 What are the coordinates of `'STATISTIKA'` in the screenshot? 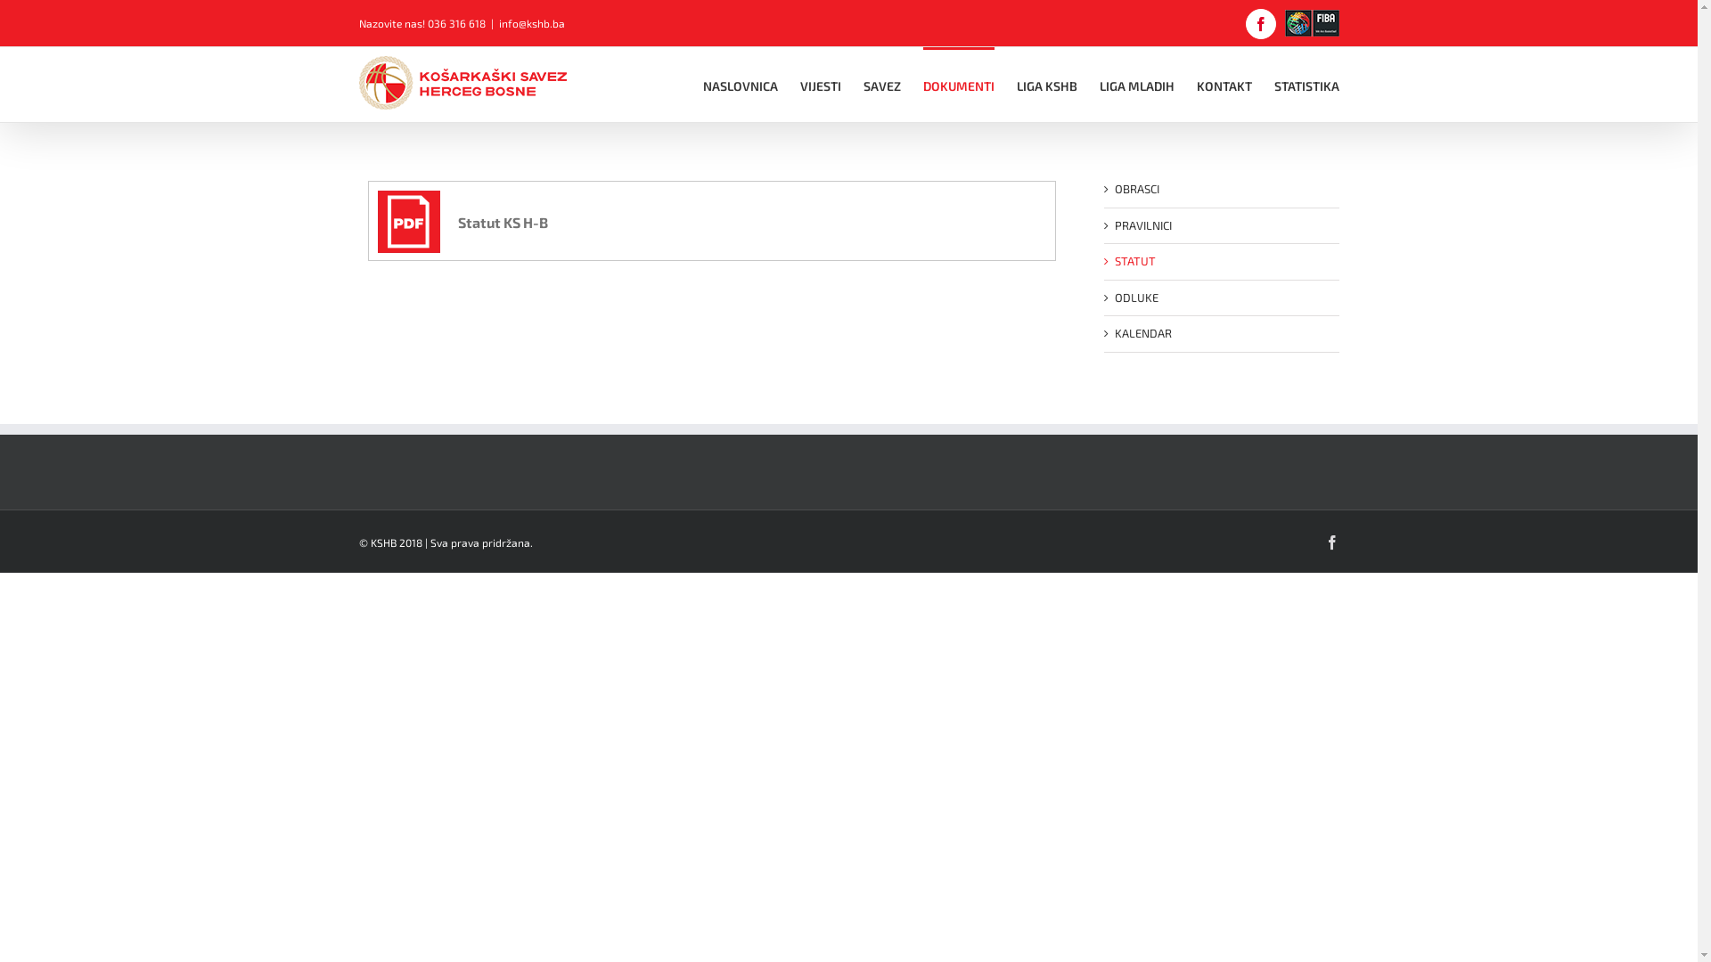 It's located at (1306, 85).